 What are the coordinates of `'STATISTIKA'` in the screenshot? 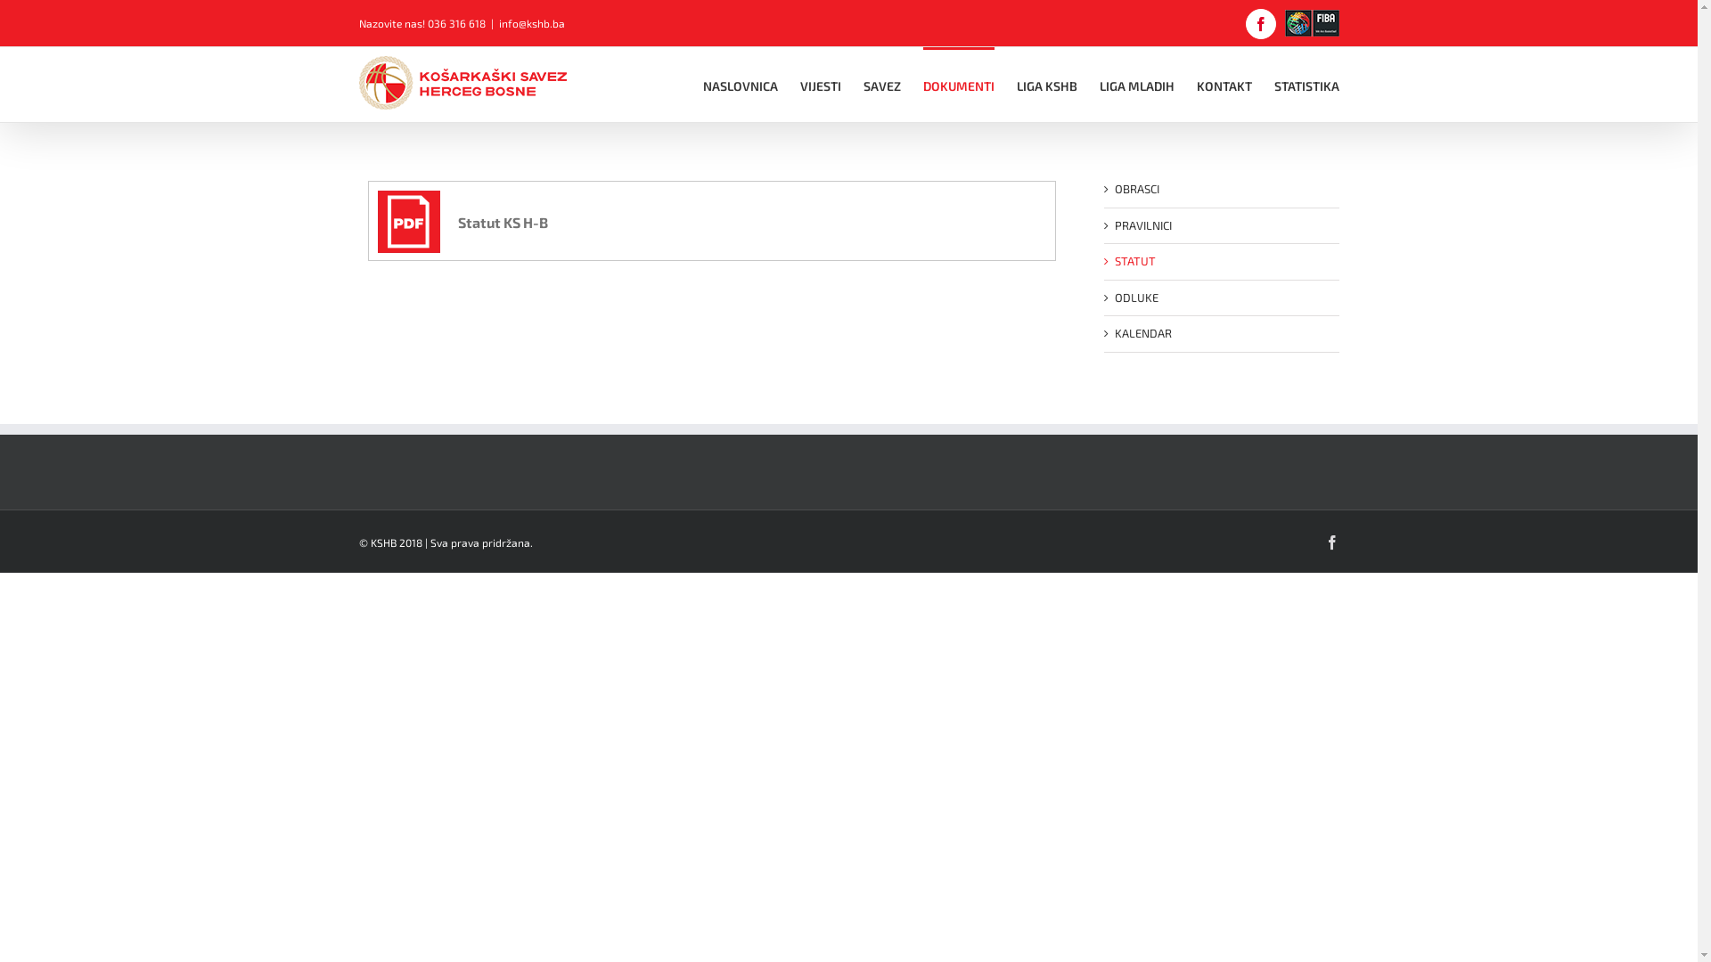 It's located at (1306, 85).